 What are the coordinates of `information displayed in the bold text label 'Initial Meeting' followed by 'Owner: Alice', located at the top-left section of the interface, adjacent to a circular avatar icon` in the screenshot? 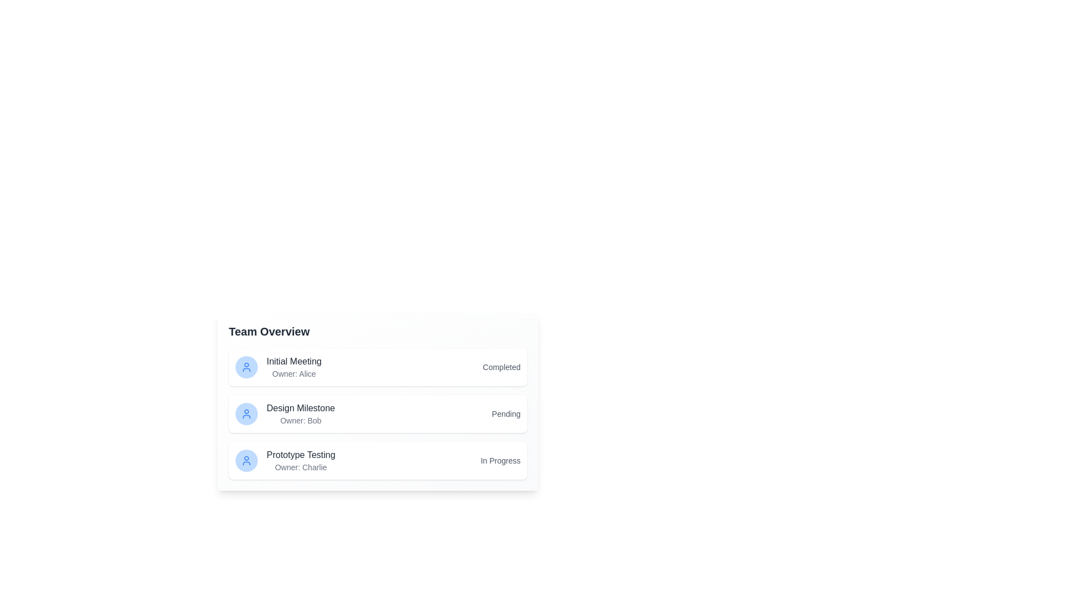 It's located at (278, 367).